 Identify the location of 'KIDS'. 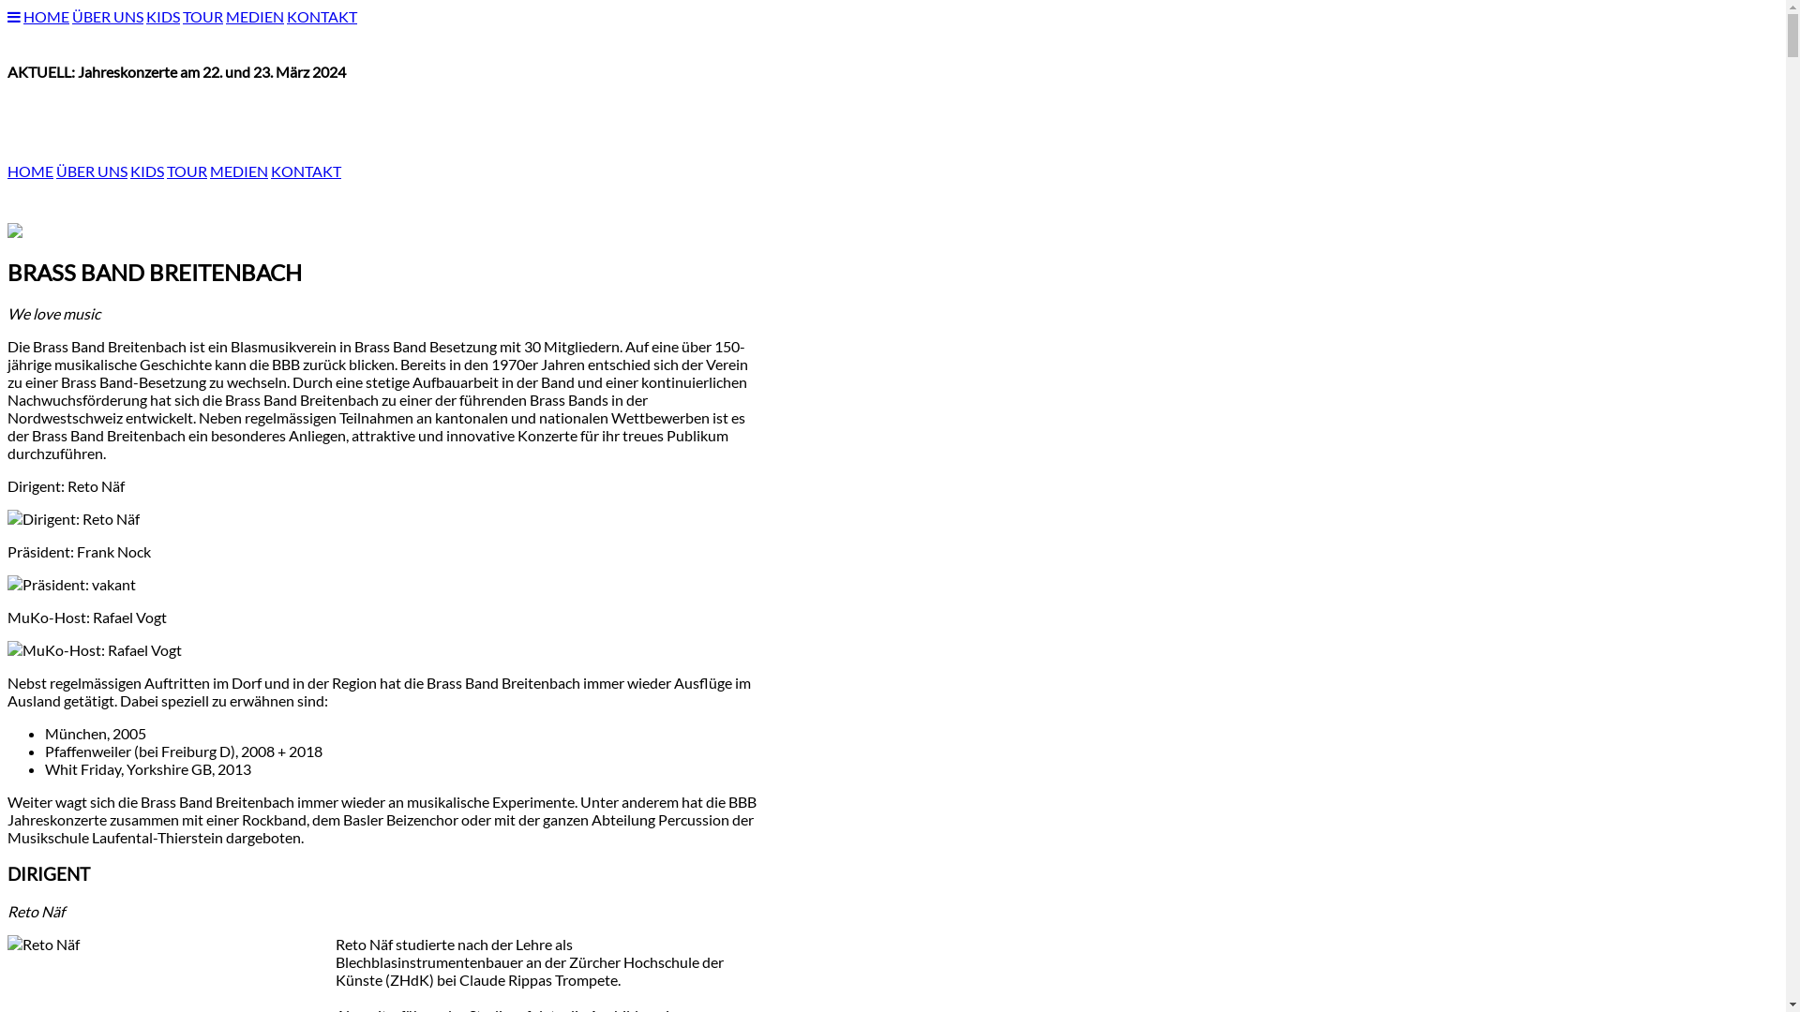
(145, 16).